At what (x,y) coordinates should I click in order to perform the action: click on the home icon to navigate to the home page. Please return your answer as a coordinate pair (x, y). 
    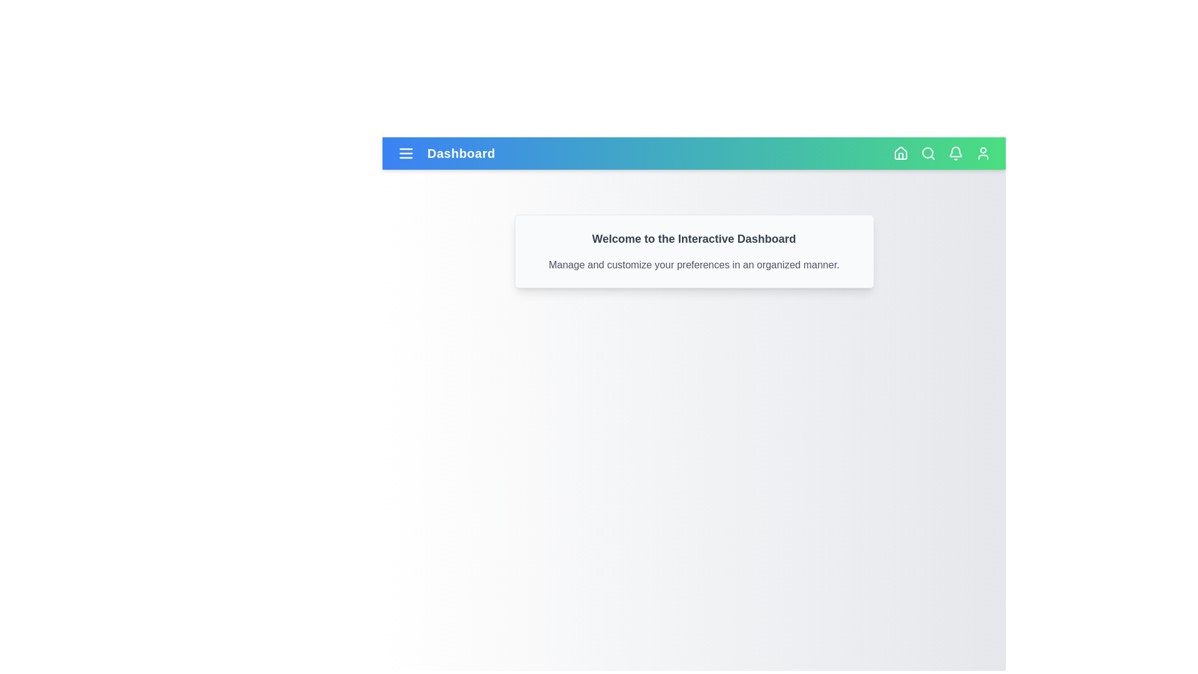
    Looking at the image, I should click on (901, 153).